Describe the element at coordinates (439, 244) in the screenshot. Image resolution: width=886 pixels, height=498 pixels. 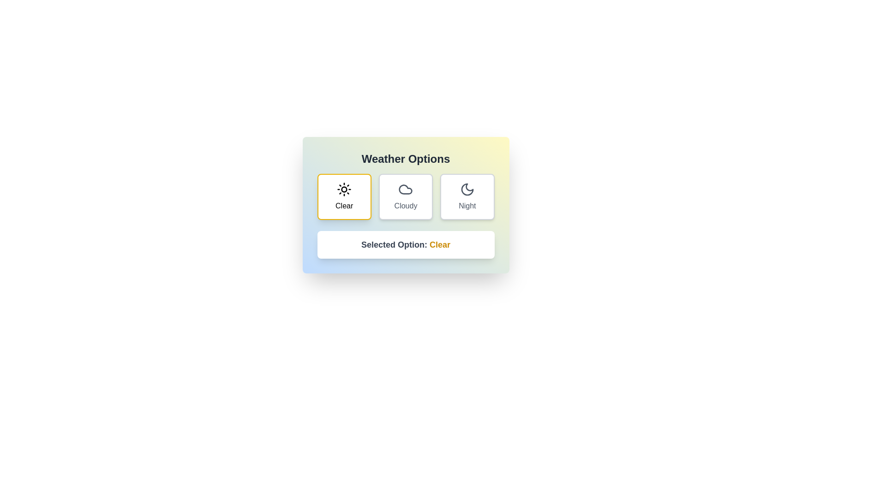
I see `the text label component displaying the word 'Clear' within the phrase 'Selected Option: Clear', which is centered in a white rectangular box` at that location.